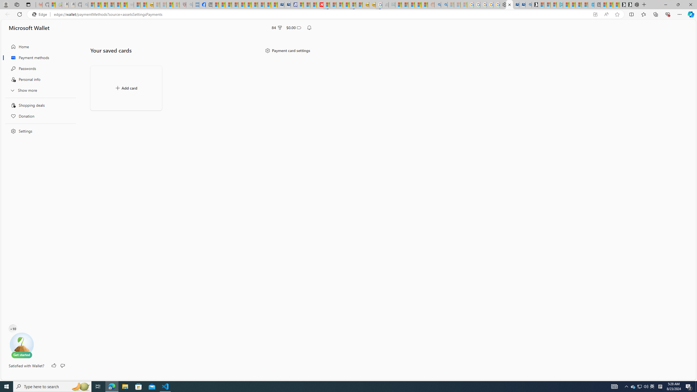 This screenshot has height=392, width=697. Describe the element at coordinates (309, 28) in the screenshot. I see `'Notification'` at that location.